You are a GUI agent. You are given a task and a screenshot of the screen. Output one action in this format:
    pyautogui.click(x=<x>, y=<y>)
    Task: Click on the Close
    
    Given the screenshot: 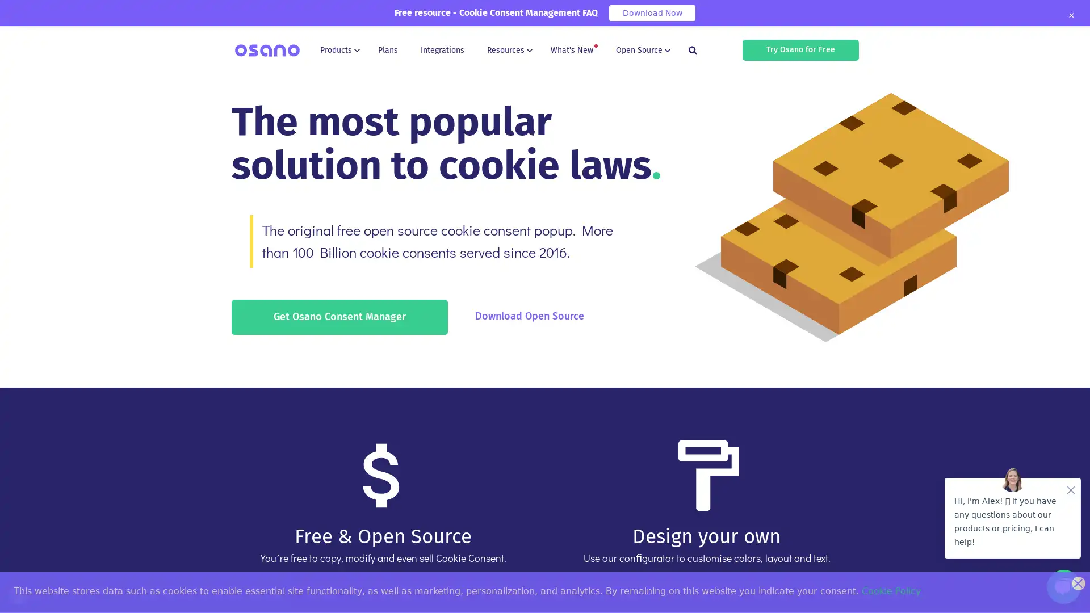 What is the action you would take?
    pyautogui.click(x=1070, y=15)
    